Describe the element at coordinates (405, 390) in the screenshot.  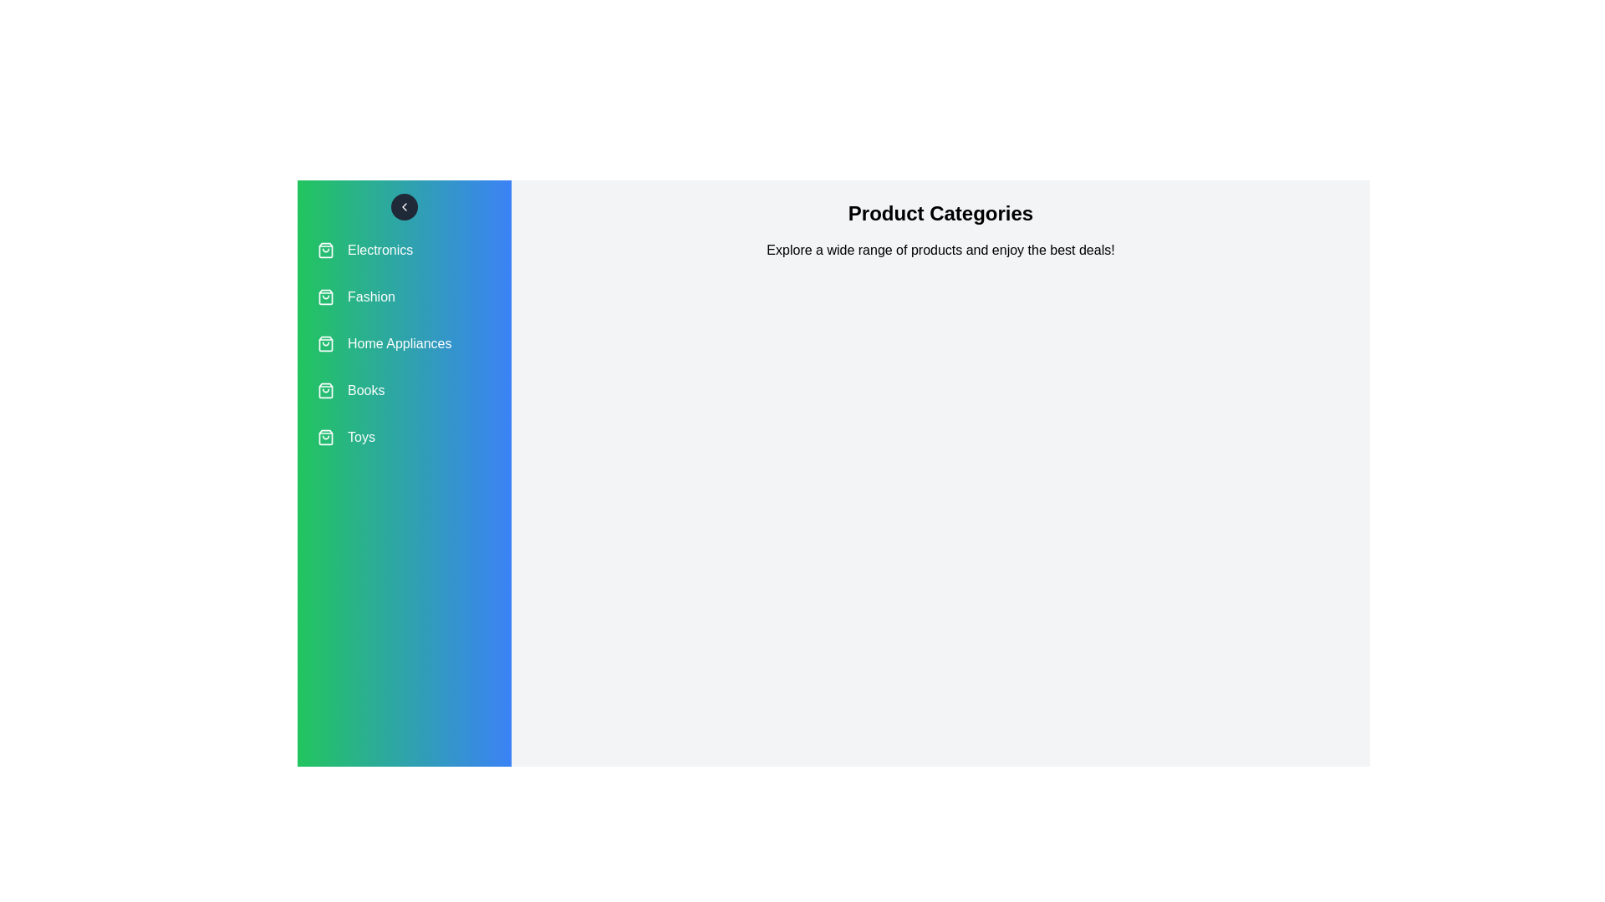
I see `the category Books` at that location.